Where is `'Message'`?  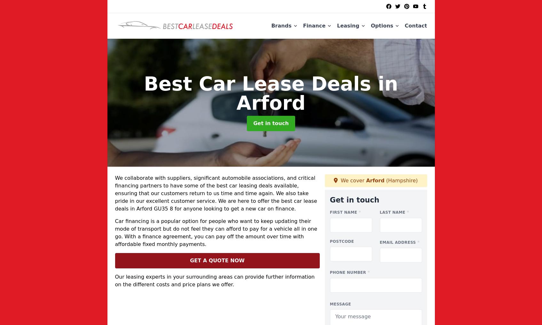 'Message' is located at coordinates (340, 303).